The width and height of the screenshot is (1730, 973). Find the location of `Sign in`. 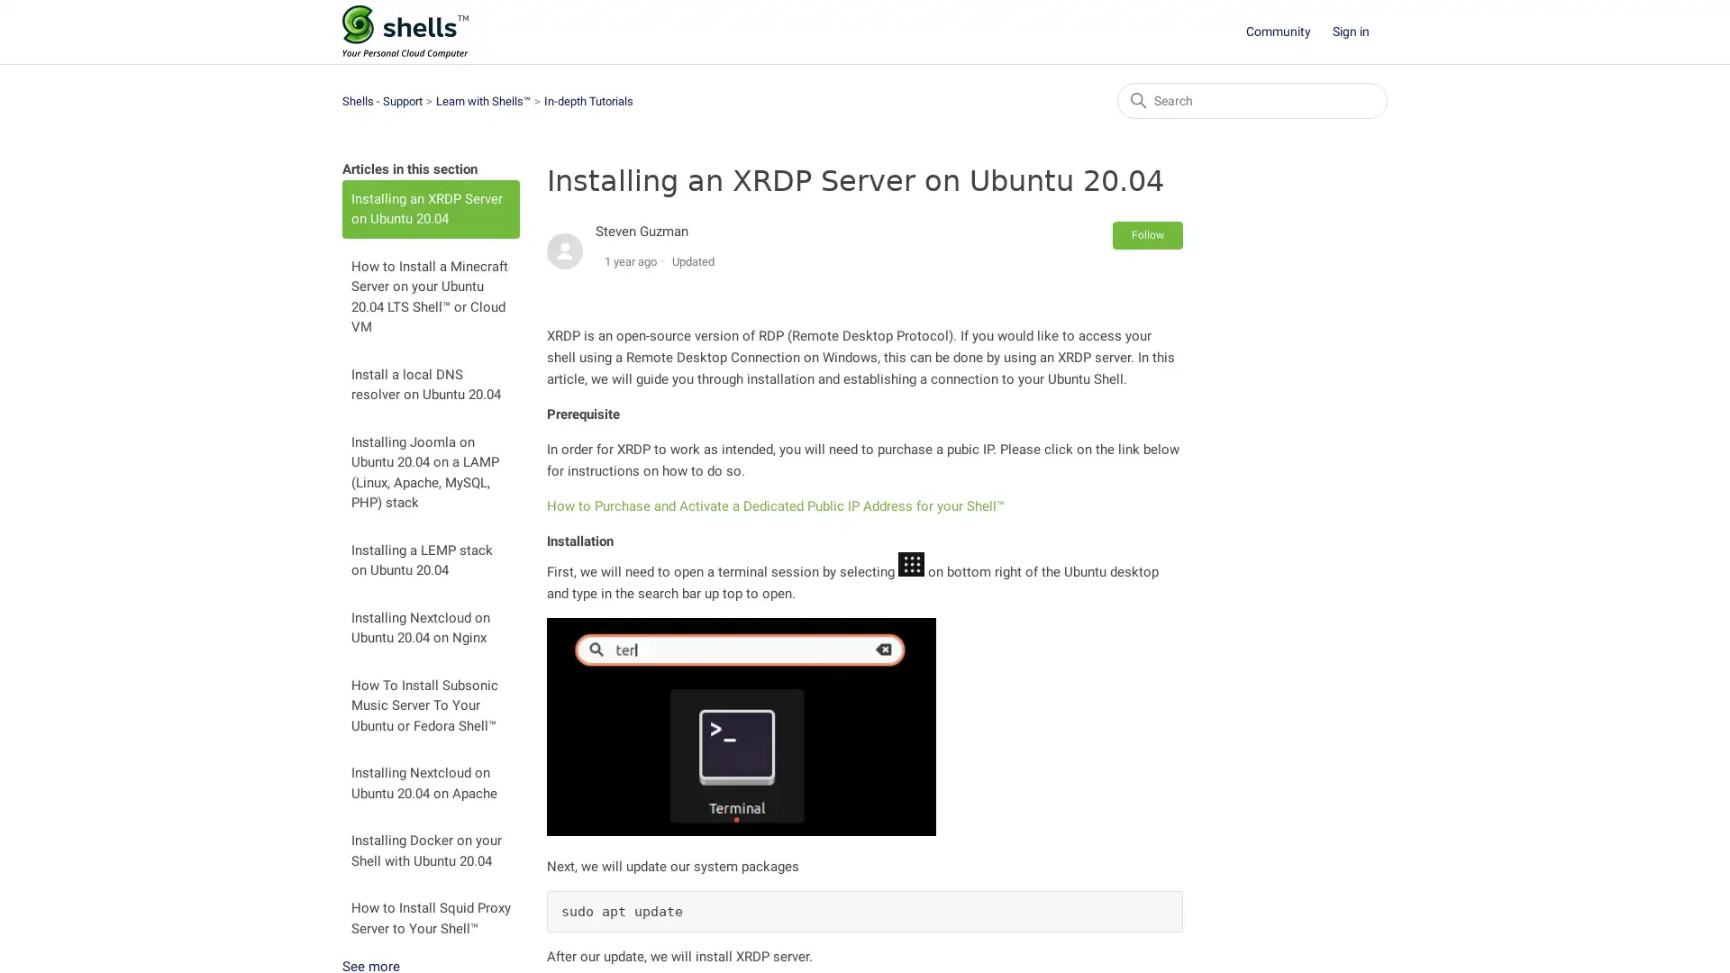

Sign in is located at coordinates (1360, 32).